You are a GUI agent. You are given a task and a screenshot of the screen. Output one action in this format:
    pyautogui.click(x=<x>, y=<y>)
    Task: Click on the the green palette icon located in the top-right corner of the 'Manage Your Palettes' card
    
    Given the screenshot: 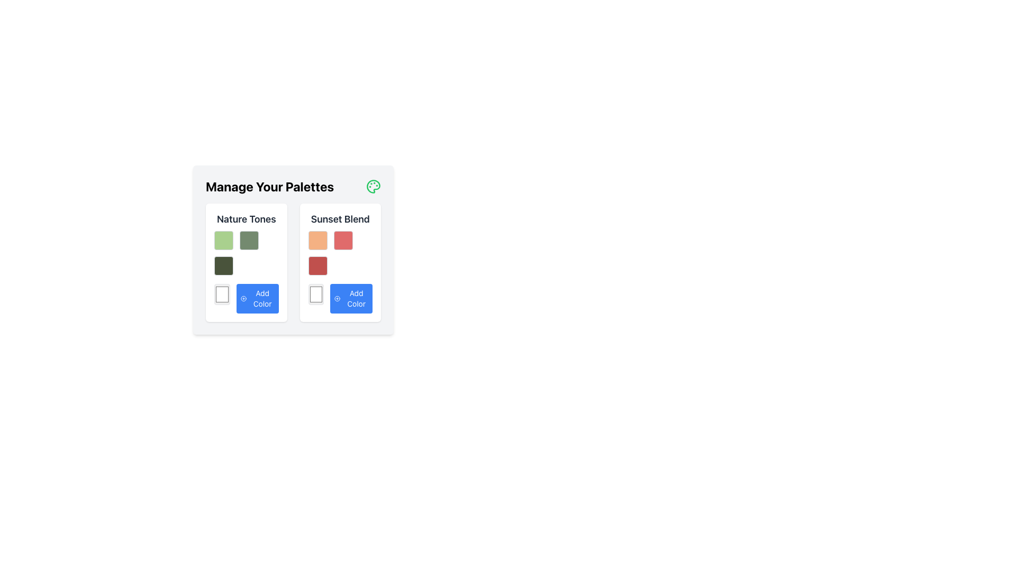 What is the action you would take?
    pyautogui.click(x=373, y=186)
    